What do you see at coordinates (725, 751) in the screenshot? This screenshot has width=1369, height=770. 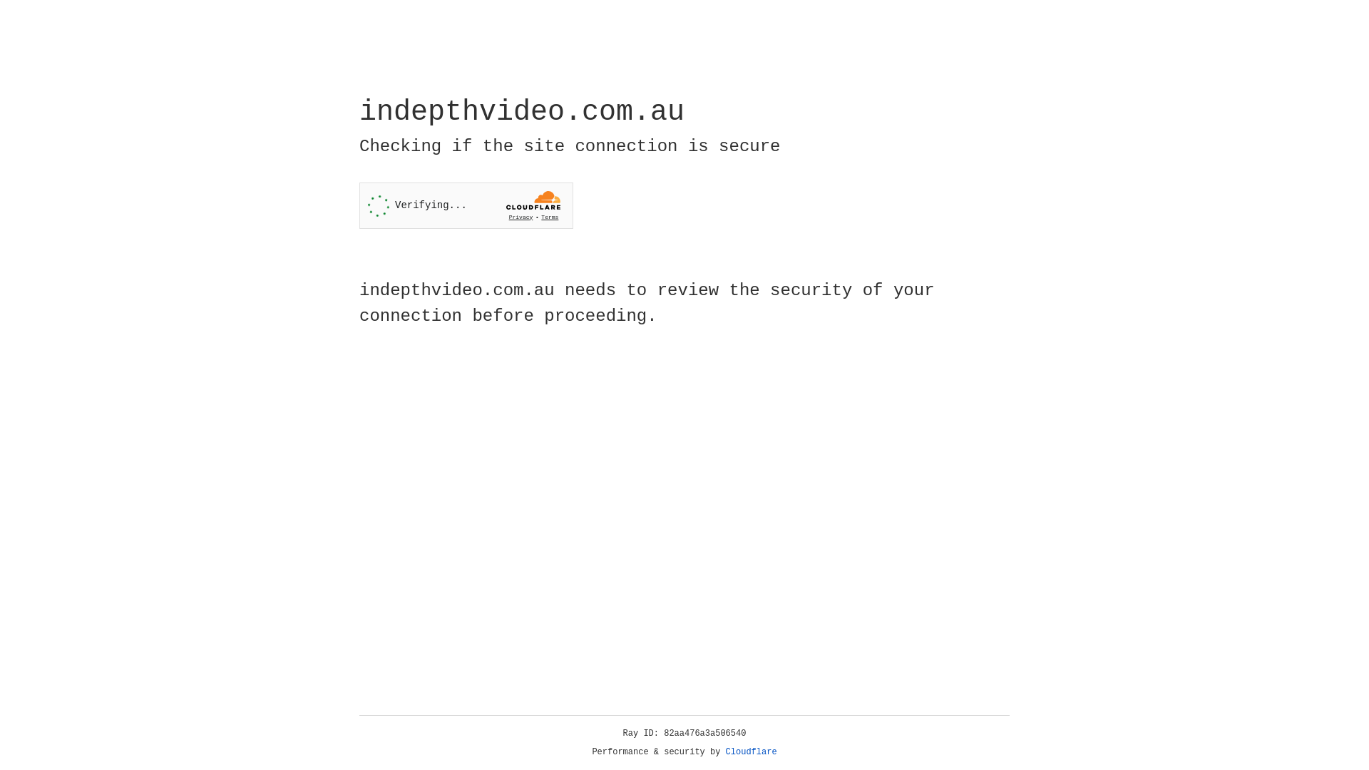 I see `'Cloudflare'` at bounding box center [725, 751].